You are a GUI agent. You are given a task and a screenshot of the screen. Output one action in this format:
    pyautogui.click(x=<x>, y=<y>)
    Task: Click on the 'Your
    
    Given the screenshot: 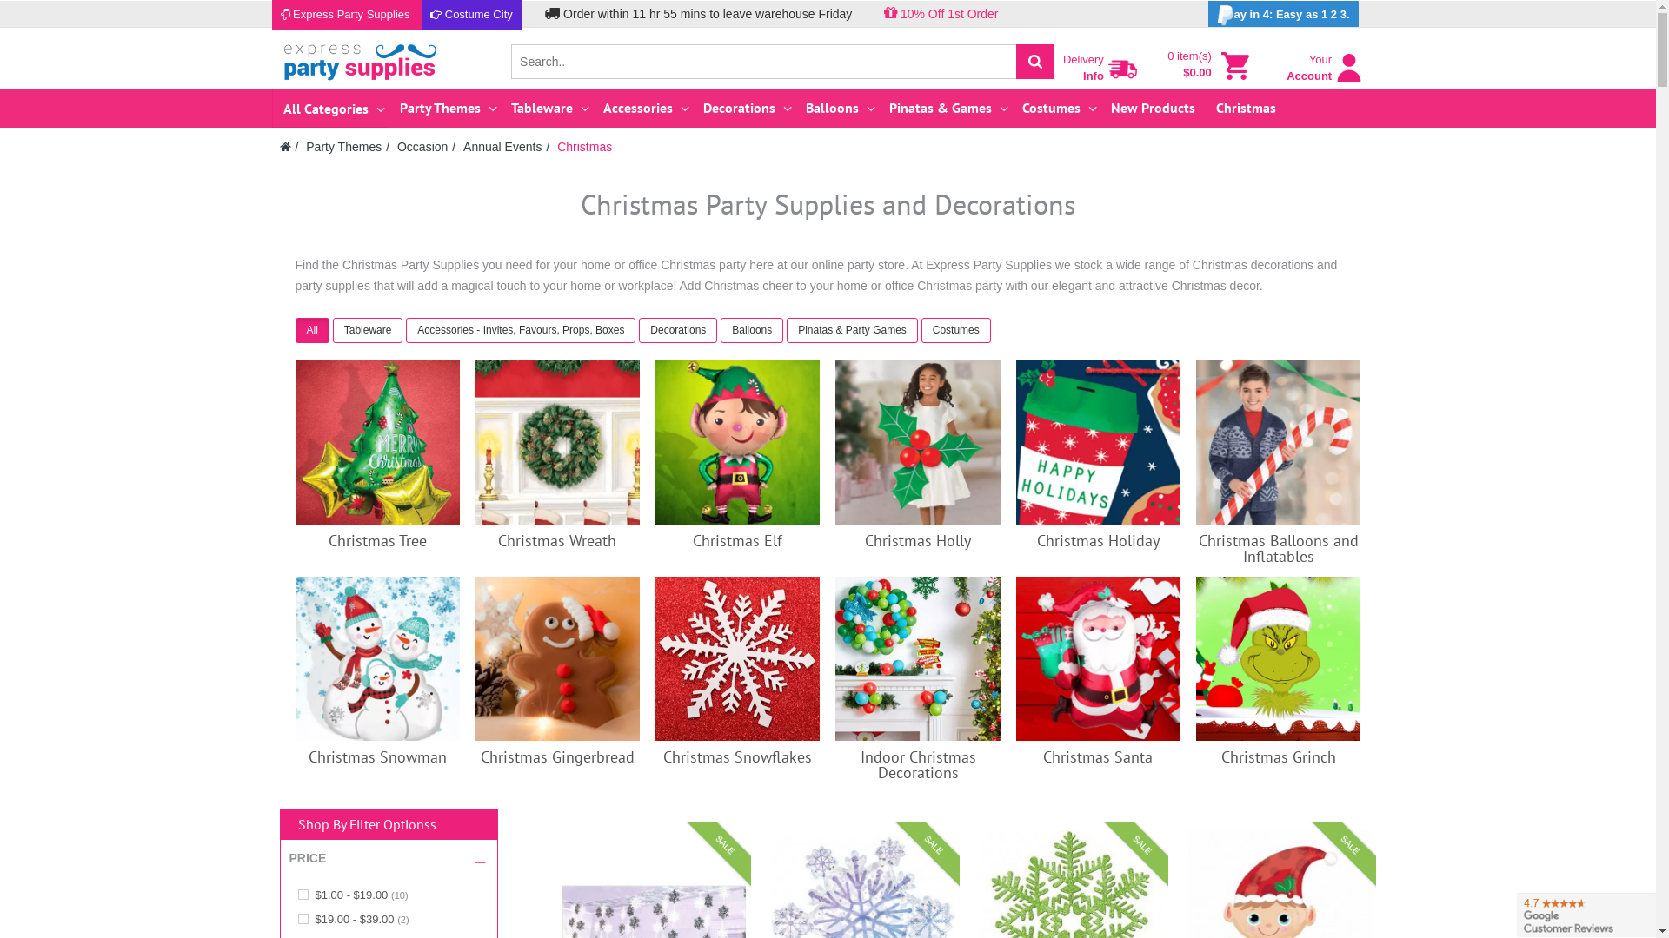 What is the action you would take?
    pyautogui.click(x=1323, y=75)
    